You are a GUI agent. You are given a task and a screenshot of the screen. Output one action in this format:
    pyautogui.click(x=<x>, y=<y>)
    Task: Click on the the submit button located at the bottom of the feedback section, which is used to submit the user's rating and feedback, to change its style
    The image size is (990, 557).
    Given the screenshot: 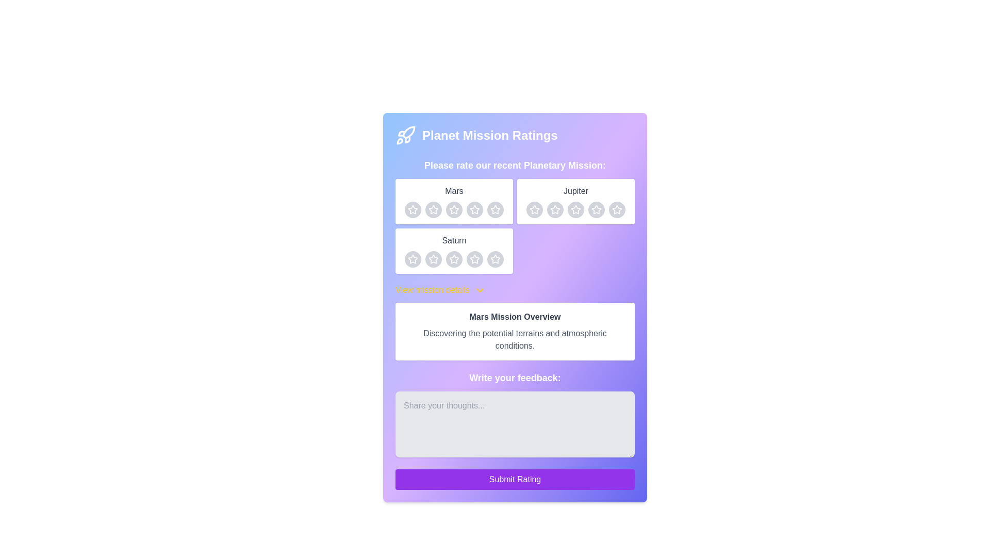 What is the action you would take?
    pyautogui.click(x=515, y=479)
    